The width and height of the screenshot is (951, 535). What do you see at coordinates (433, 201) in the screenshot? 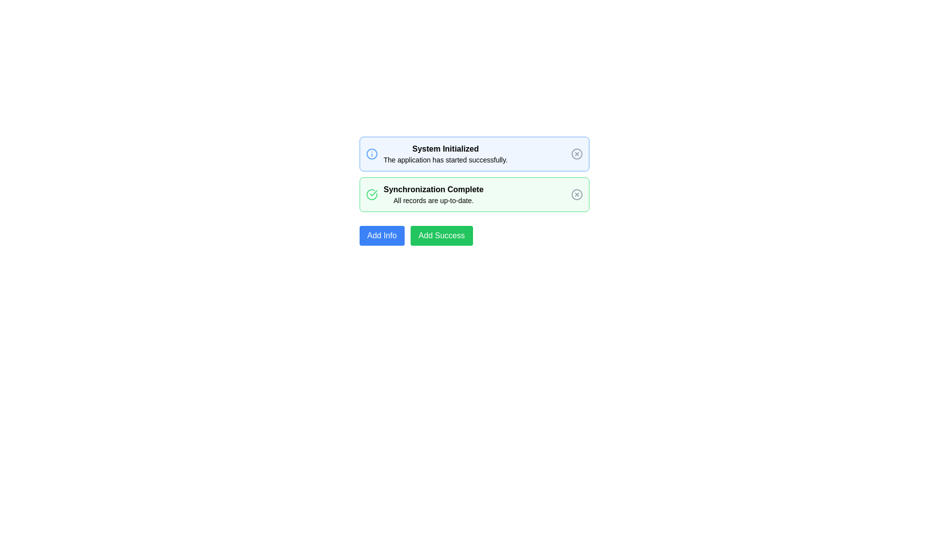
I see `the static text element that conveys the confirmation message indicating all records are synchronized and updated, located in the upper-middle section of a green-bordered notification box` at bounding box center [433, 201].